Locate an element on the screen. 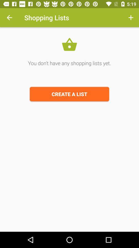 The width and height of the screenshot is (139, 248). the item at the top left corner is located at coordinates (9, 18).